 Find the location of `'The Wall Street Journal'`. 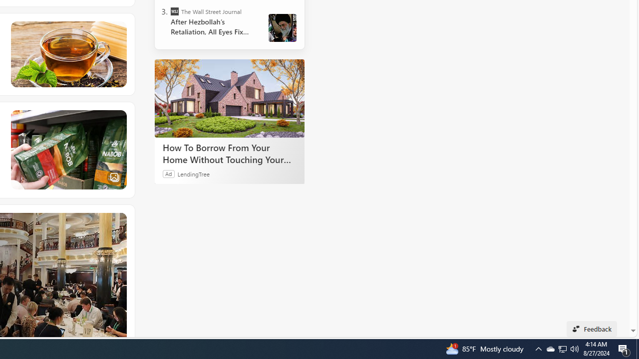

'The Wall Street Journal' is located at coordinates (175, 11).